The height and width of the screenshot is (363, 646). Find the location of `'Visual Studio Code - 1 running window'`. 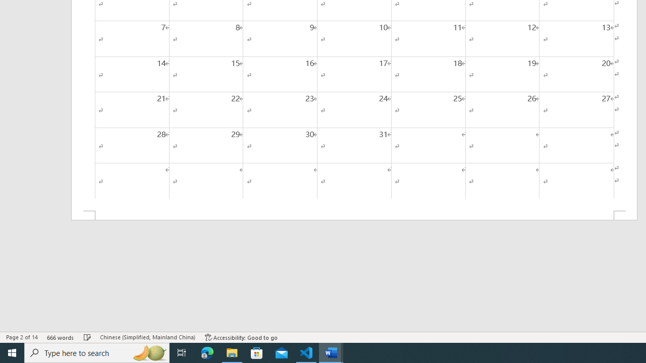

'Visual Studio Code - 1 running window' is located at coordinates (306, 352).